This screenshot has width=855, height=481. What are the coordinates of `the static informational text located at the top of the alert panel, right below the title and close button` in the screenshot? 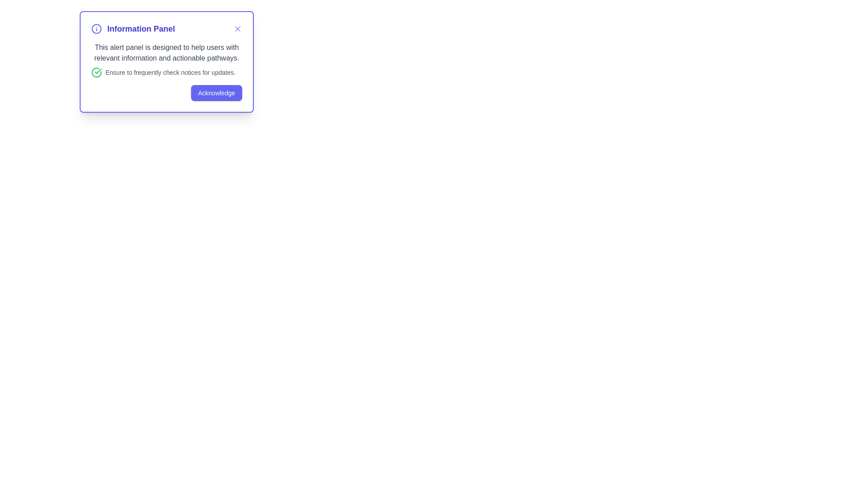 It's located at (167, 53).